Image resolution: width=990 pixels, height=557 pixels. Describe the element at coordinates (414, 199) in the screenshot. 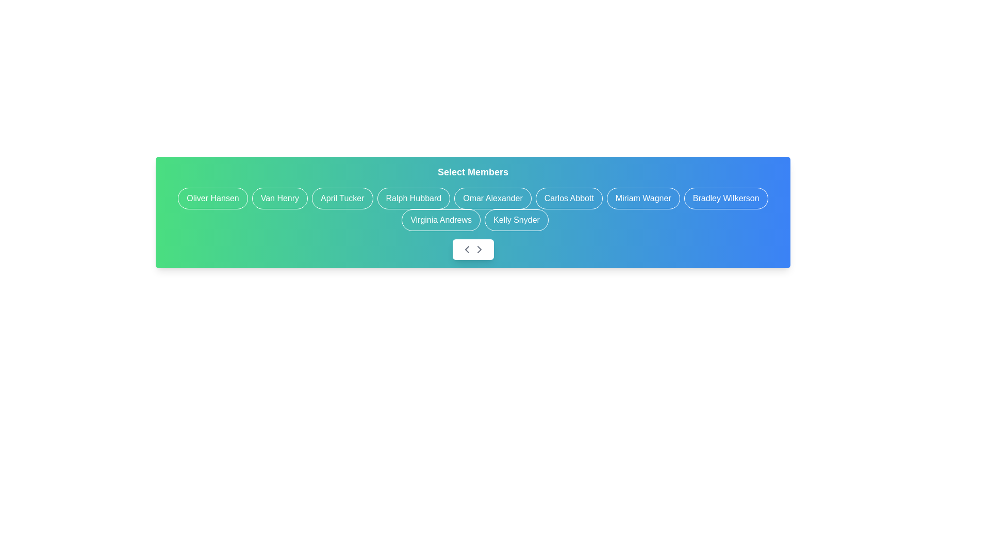

I see `the button that serves as a selection or toggle for the user related to the option 'Ralph Hubbard', which is the fourth button in a horizontal list of buttons` at that location.